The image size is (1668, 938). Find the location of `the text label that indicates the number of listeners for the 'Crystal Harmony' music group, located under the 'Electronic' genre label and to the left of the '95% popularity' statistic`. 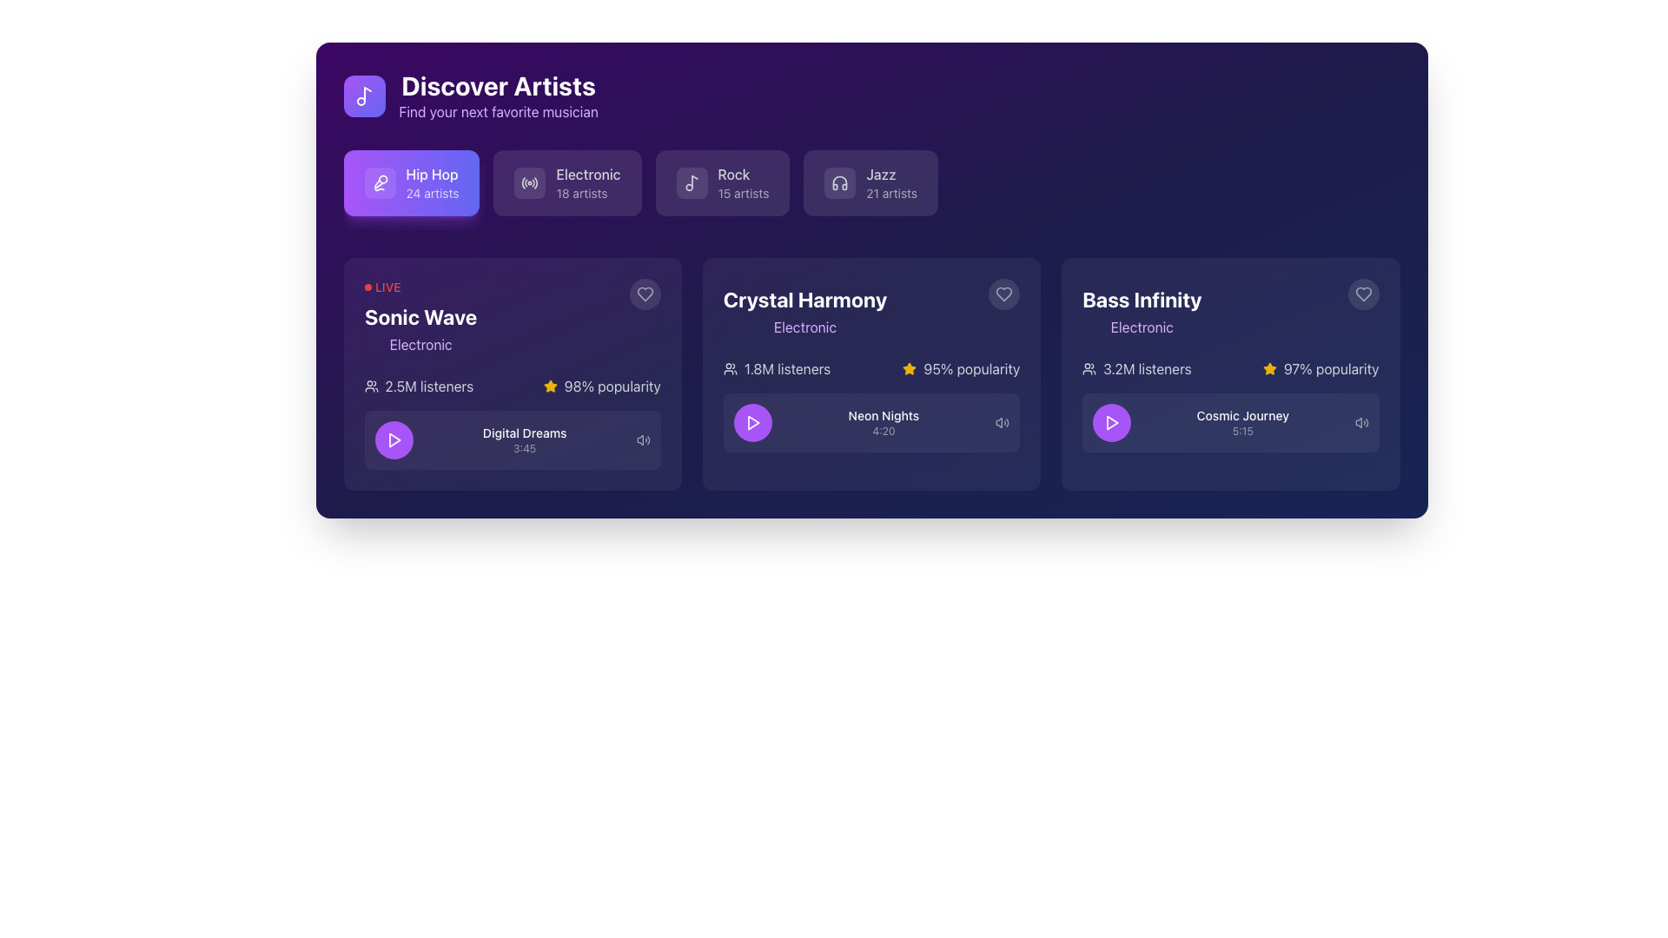

the text label that indicates the number of listeners for the 'Crystal Harmony' music group, located under the 'Electronic' genre label and to the left of the '95% popularity' statistic is located at coordinates (786, 367).